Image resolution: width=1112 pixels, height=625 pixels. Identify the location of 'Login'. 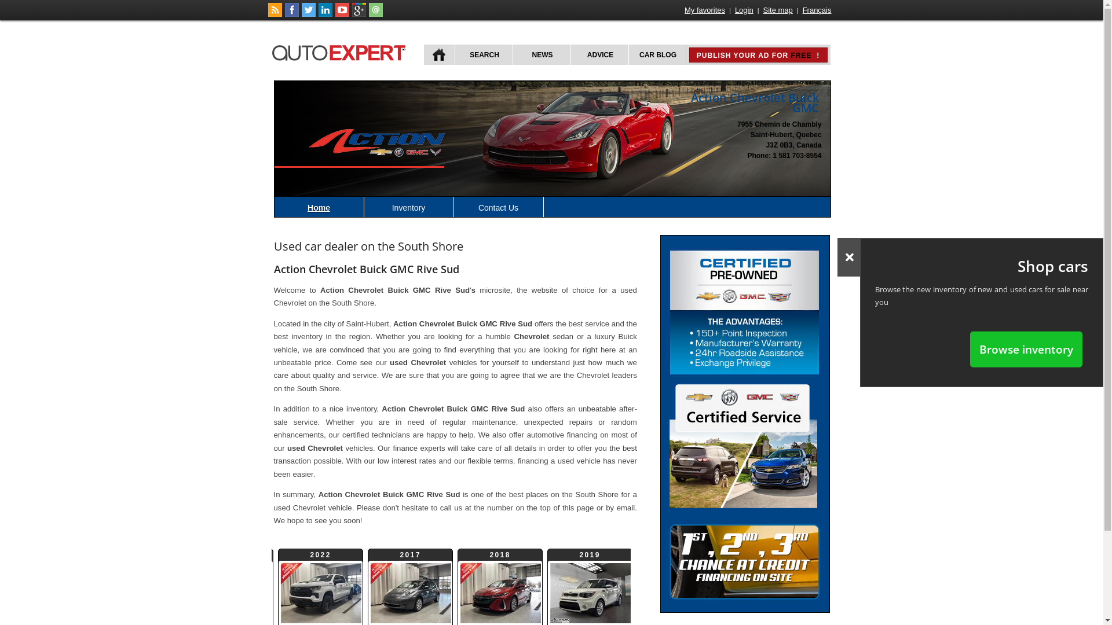
(744, 10).